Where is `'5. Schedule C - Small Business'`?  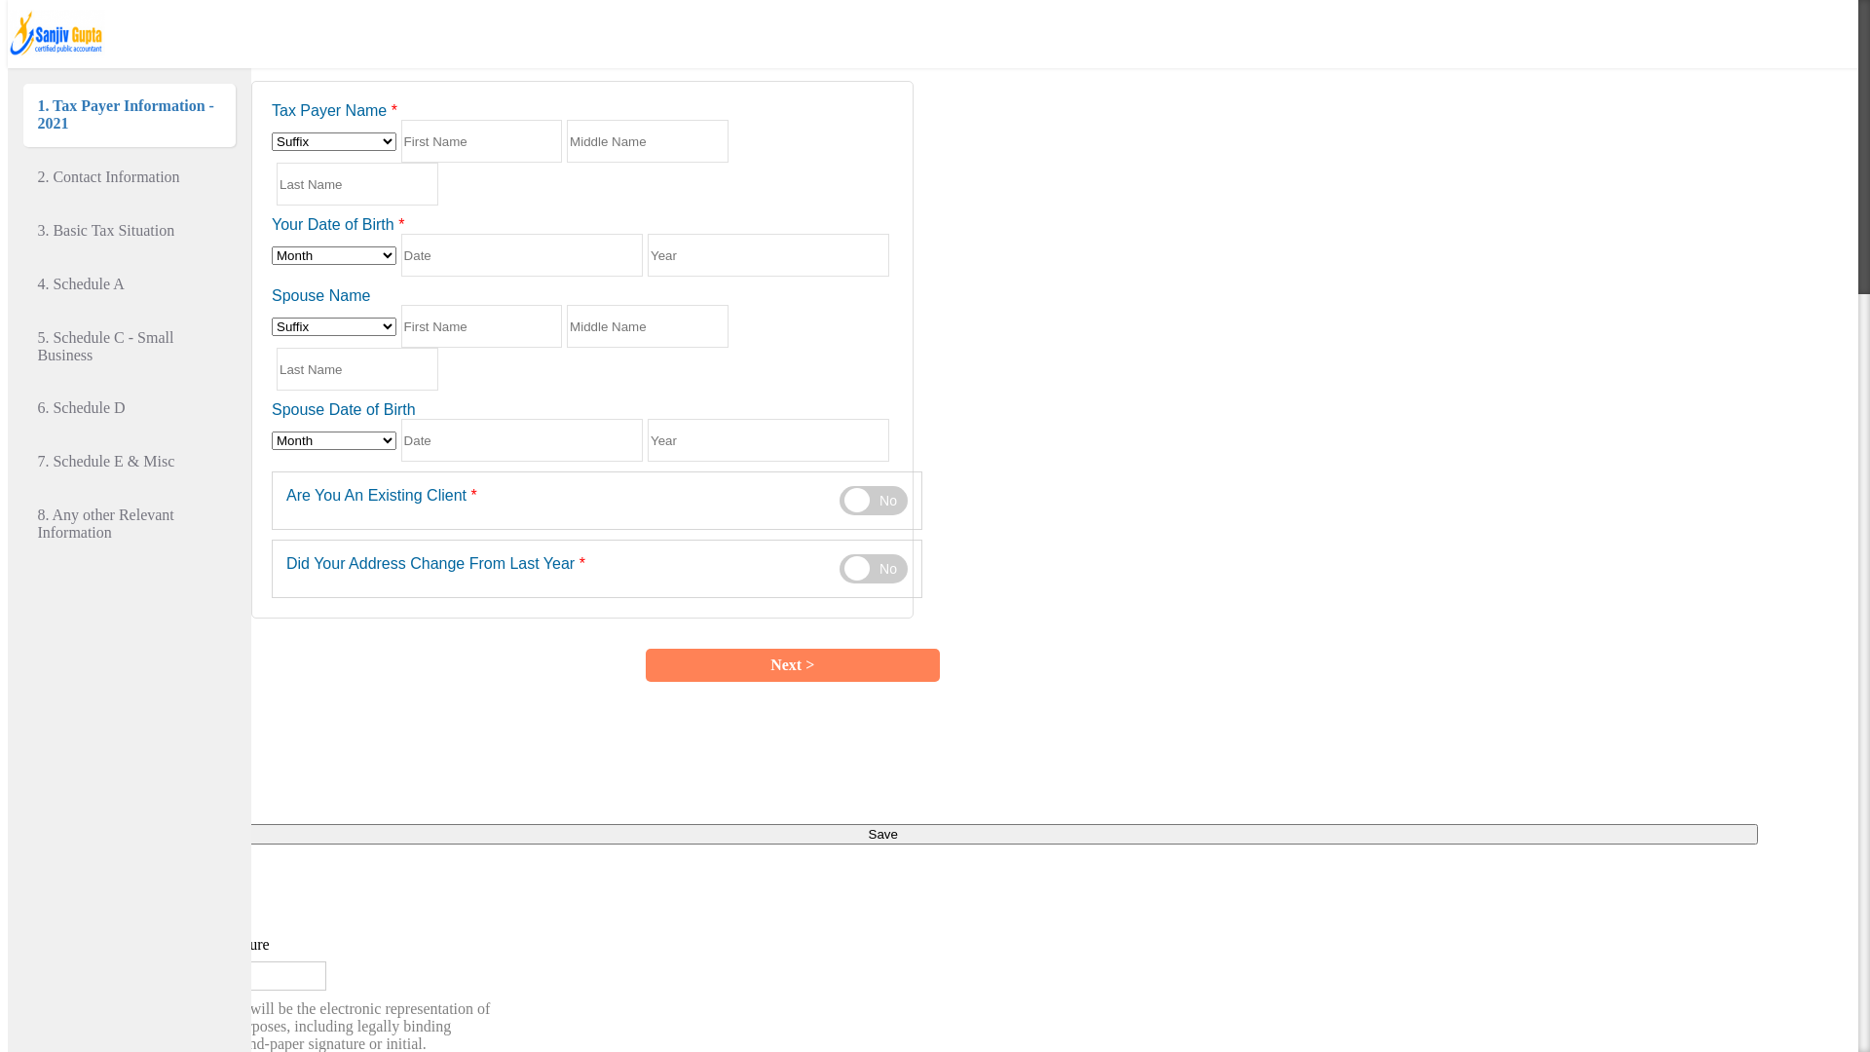
'5. Schedule C - Small Business' is located at coordinates (129, 345).